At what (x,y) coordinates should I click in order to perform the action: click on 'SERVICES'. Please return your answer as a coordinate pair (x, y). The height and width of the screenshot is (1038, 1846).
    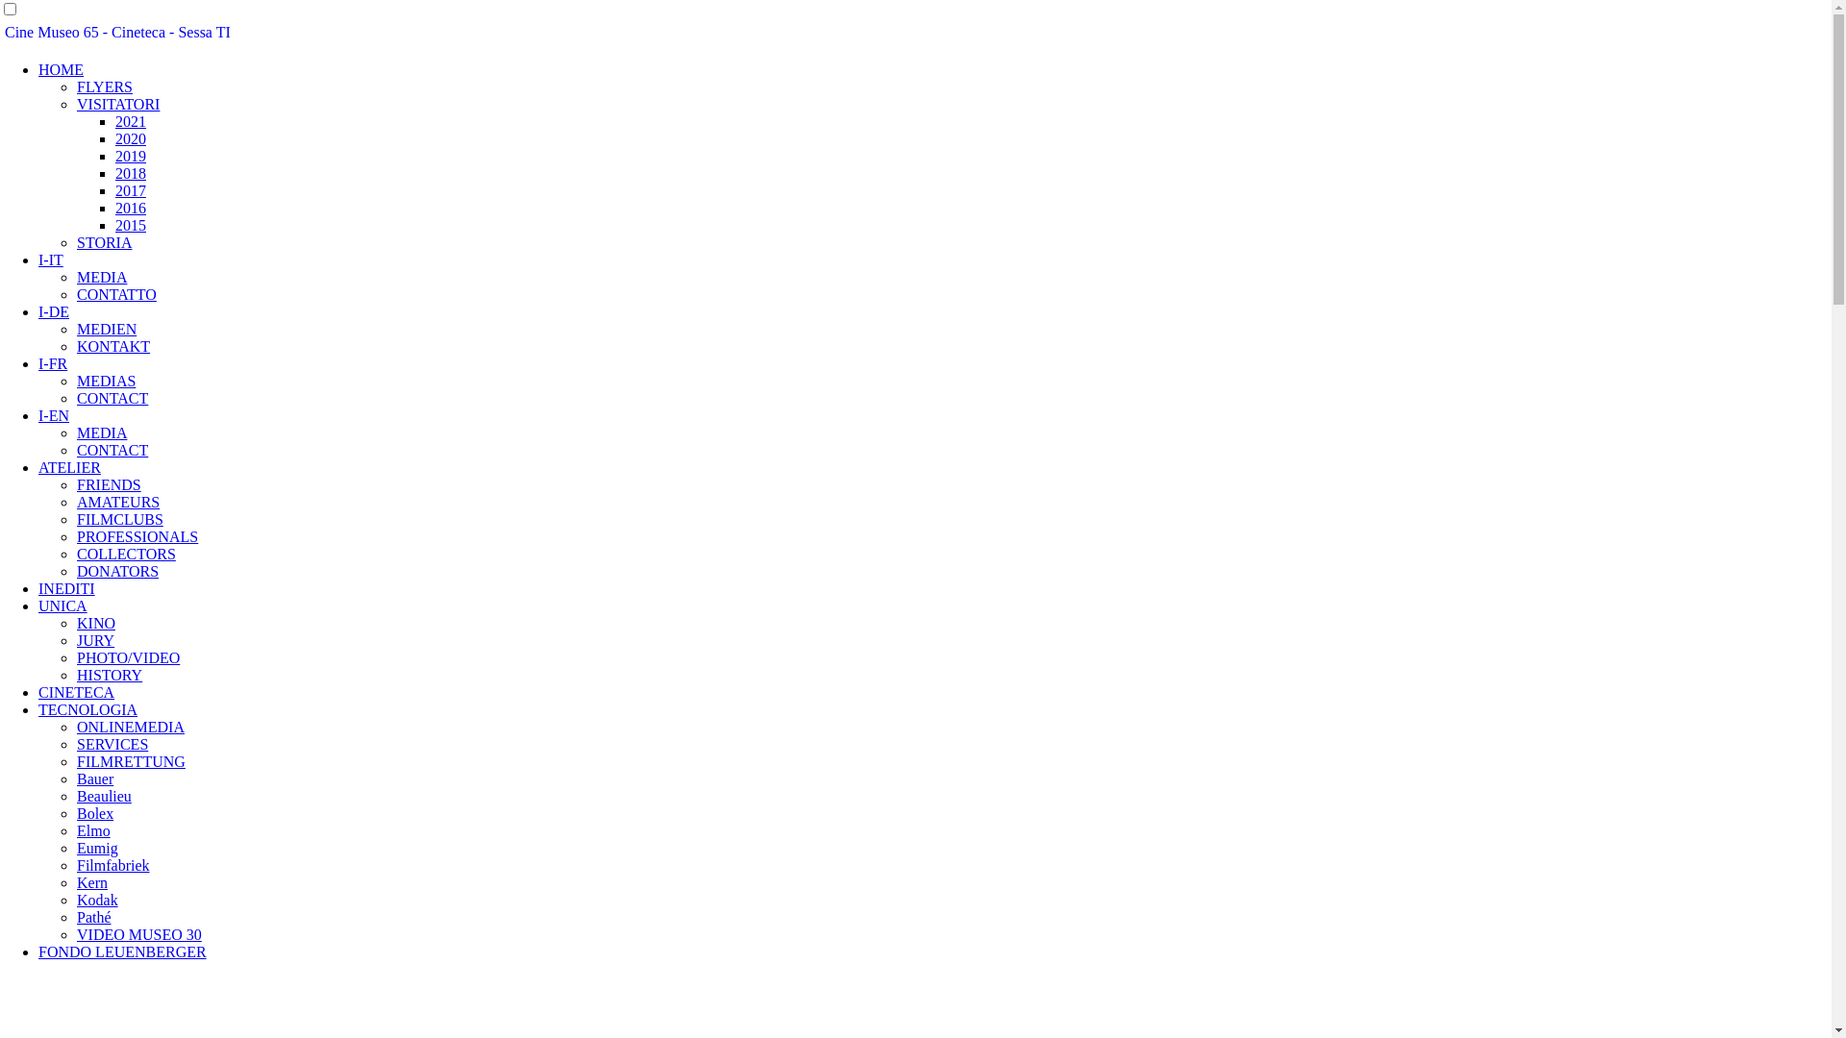
    Looking at the image, I should click on (111, 743).